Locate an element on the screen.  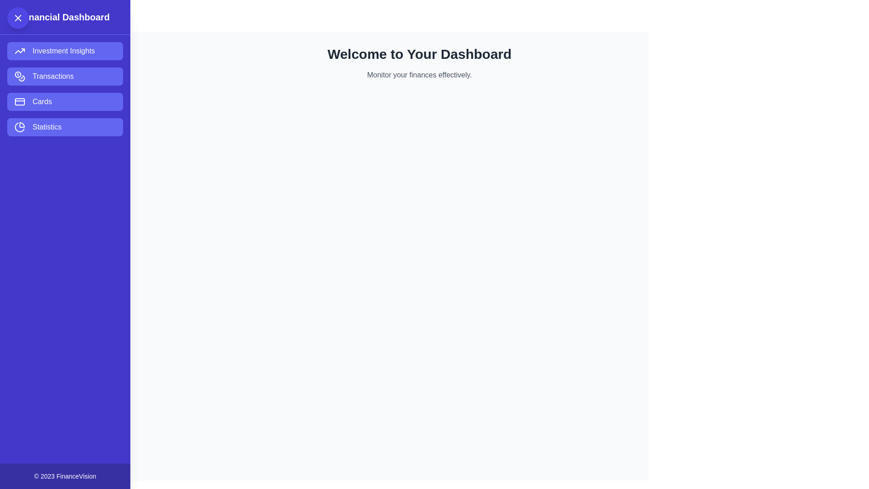
the Text Label that serves as a title or header for the dashboard interface, located above the phrase 'Monitor your finances effectively' is located at coordinates (419, 54).